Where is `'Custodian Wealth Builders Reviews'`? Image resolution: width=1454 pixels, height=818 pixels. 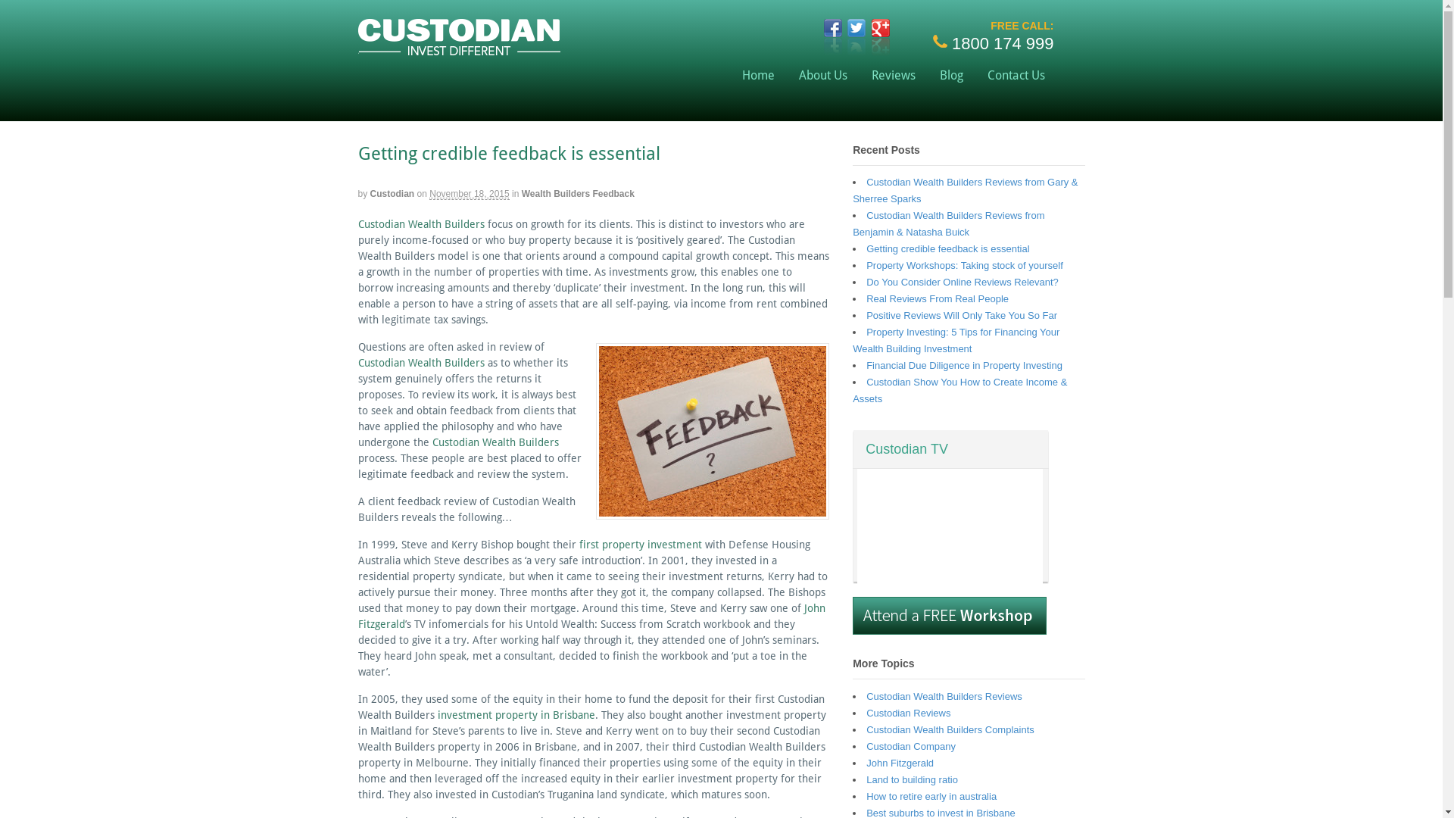 'Custodian Wealth Builders Reviews' is located at coordinates (944, 696).